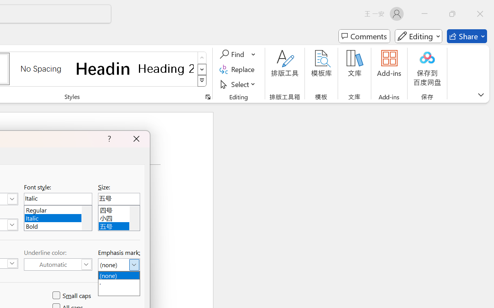  I want to click on '(none)', so click(118, 275).